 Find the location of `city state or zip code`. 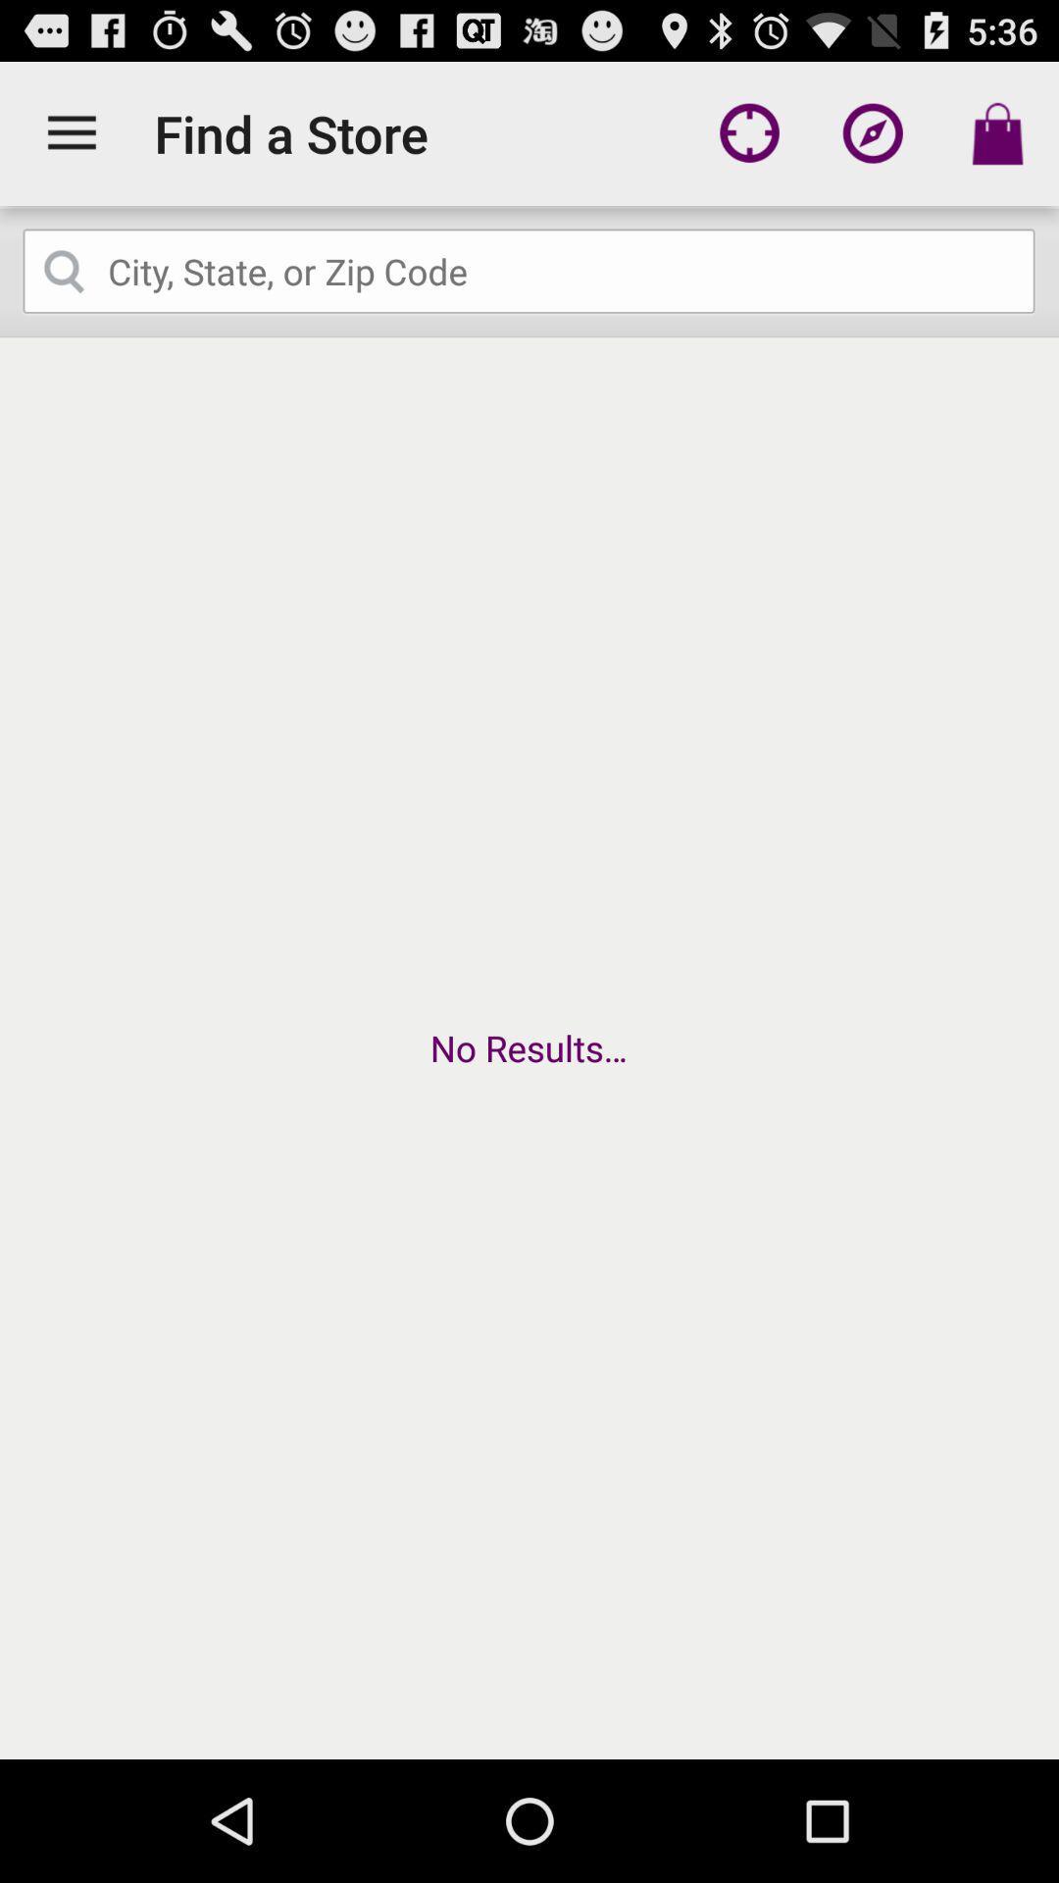

city state or zip code is located at coordinates (529, 271).